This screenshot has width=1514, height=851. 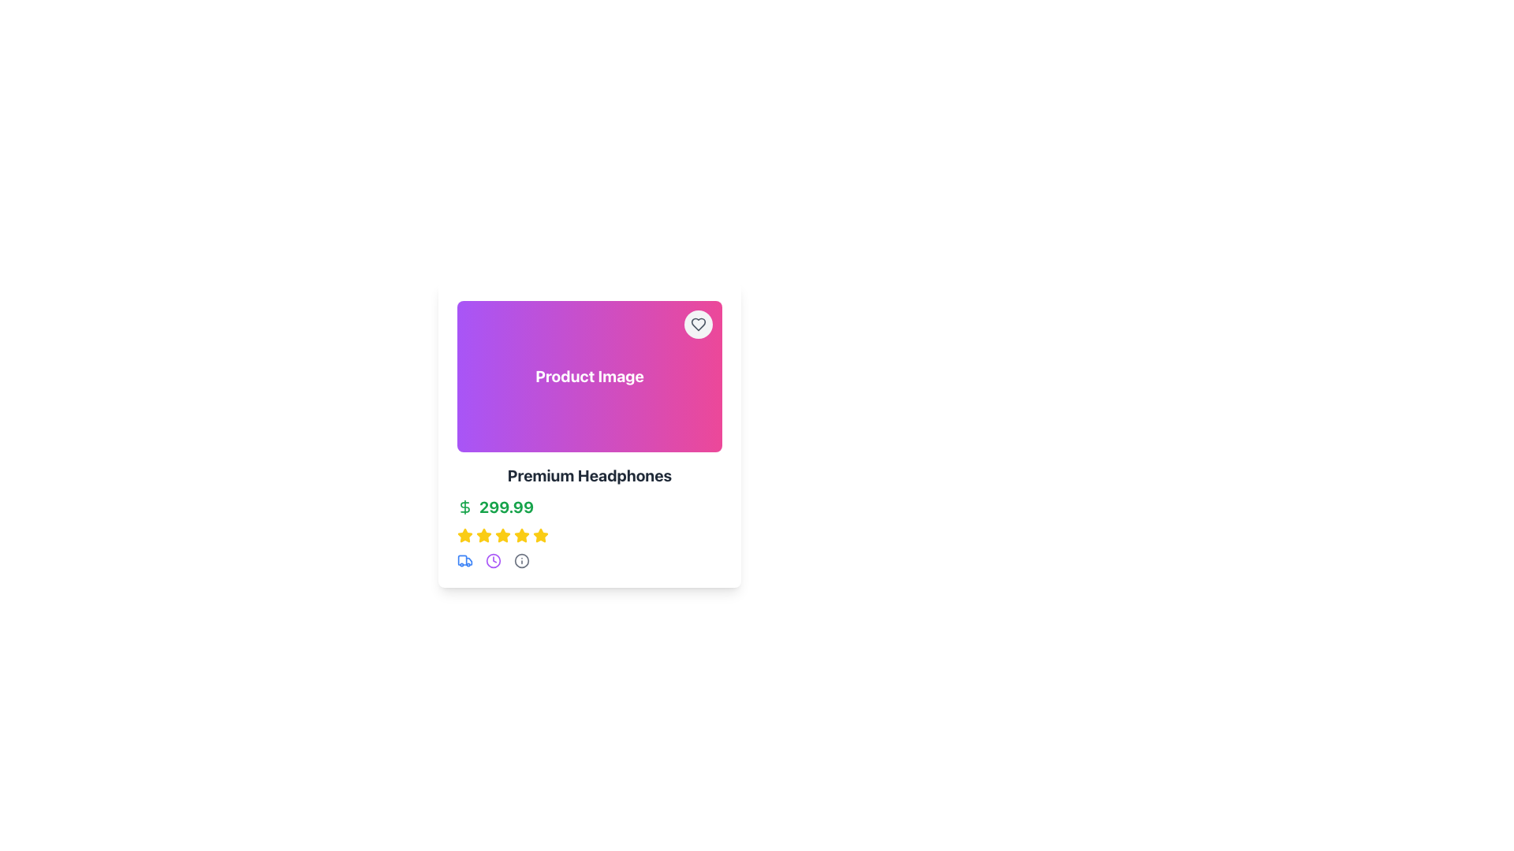 What do you see at coordinates (483, 534) in the screenshot?
I see `the third star icon in the rating component, which is styled with a yellow fill` at bounding box center [483, 534].